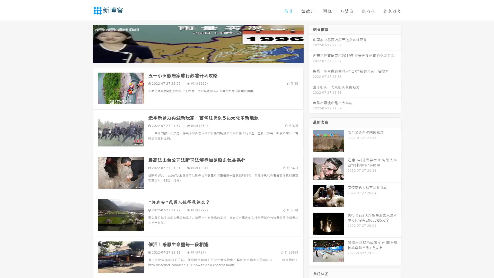 Image resolution: width=494 pixels, height=278 pixels. What do you see at coordinates (192, 58) in the screenshot?
I see `Go to slide 1` at bounding box center [192, 58].